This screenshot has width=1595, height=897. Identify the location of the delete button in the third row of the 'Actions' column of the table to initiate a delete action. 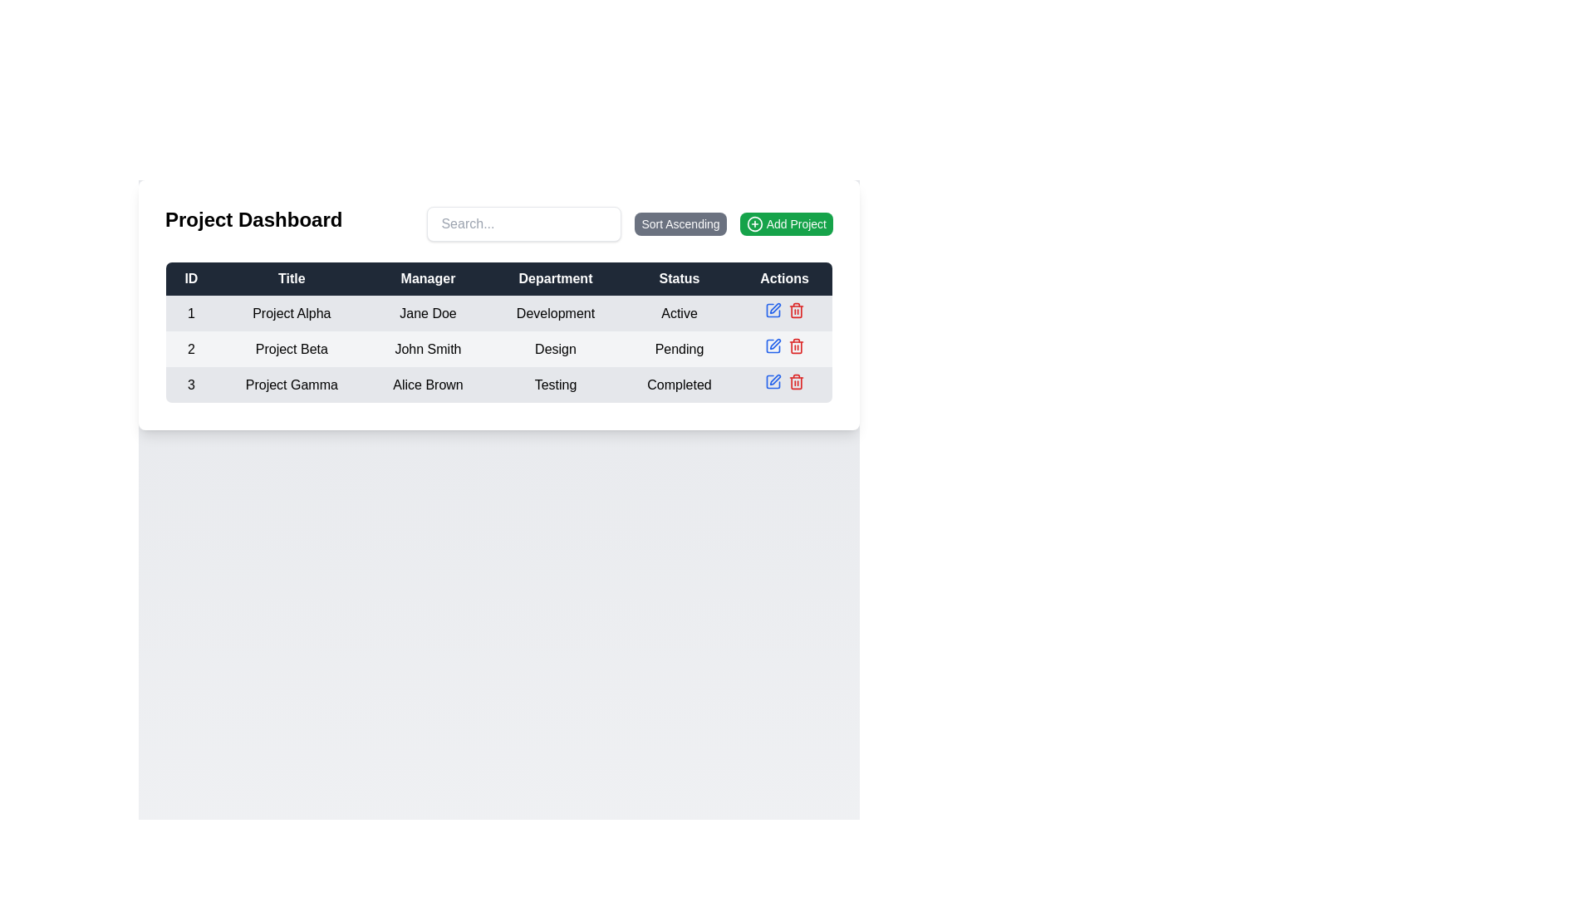
(795, 311).